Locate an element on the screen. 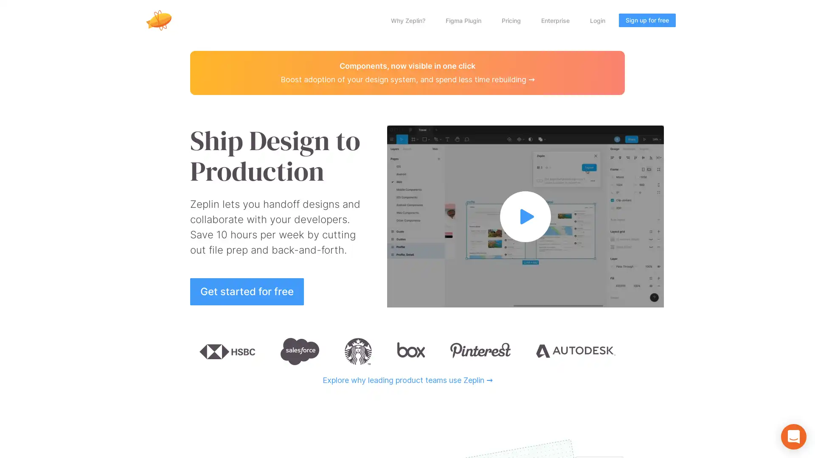 This screenshot has height=458, width=815. Open Intercom Messenger is located at coordinates (793, 436).